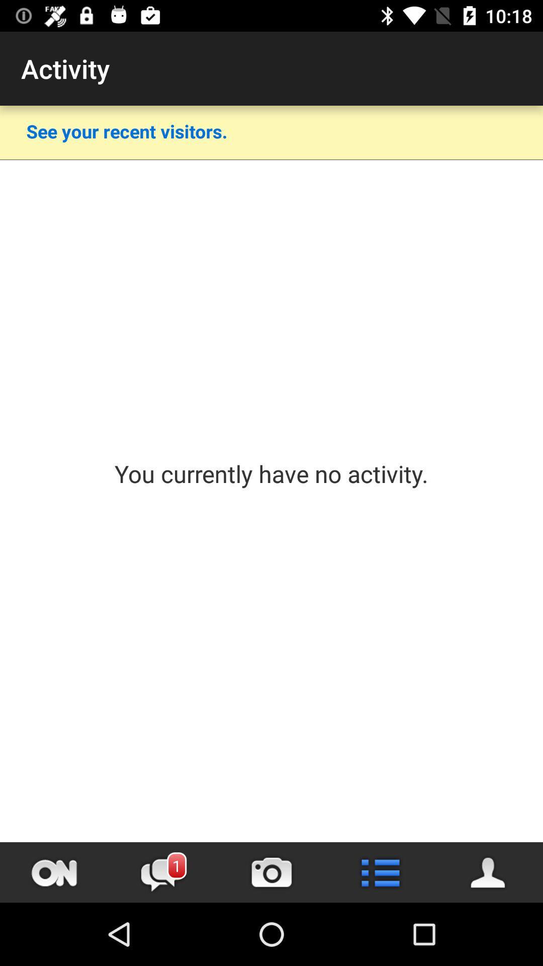 The width and height of the screenshot is (543, 966). Describe the element at coordinates (488, 872) in the screenshot. I see `the avatar icon` at that location.